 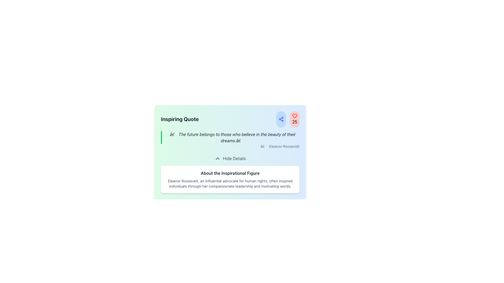 I want to click on the heart icon styled in an outlined design with a red color, which is part of a circular button with a pinkish-red background, located in the upper right-hand corner of the card element, so click(x=295, y=116).